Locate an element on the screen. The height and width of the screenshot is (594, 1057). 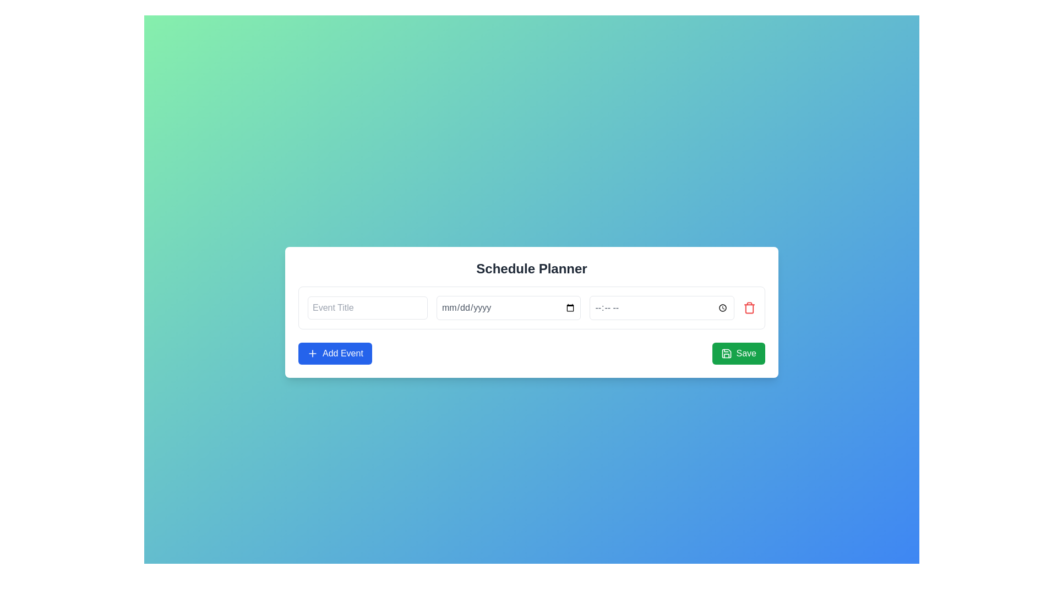
the green 'Save' button with rounded corners, located at the bottom-right corner of the interface, to initiate the save action is located at coordinates (738, 354).